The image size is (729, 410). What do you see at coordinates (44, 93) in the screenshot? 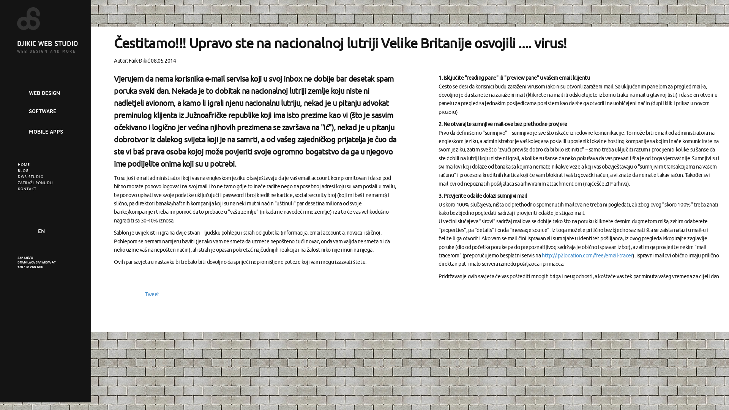
I see `'WEB DESIGN'` at bounding box center [44, 93].